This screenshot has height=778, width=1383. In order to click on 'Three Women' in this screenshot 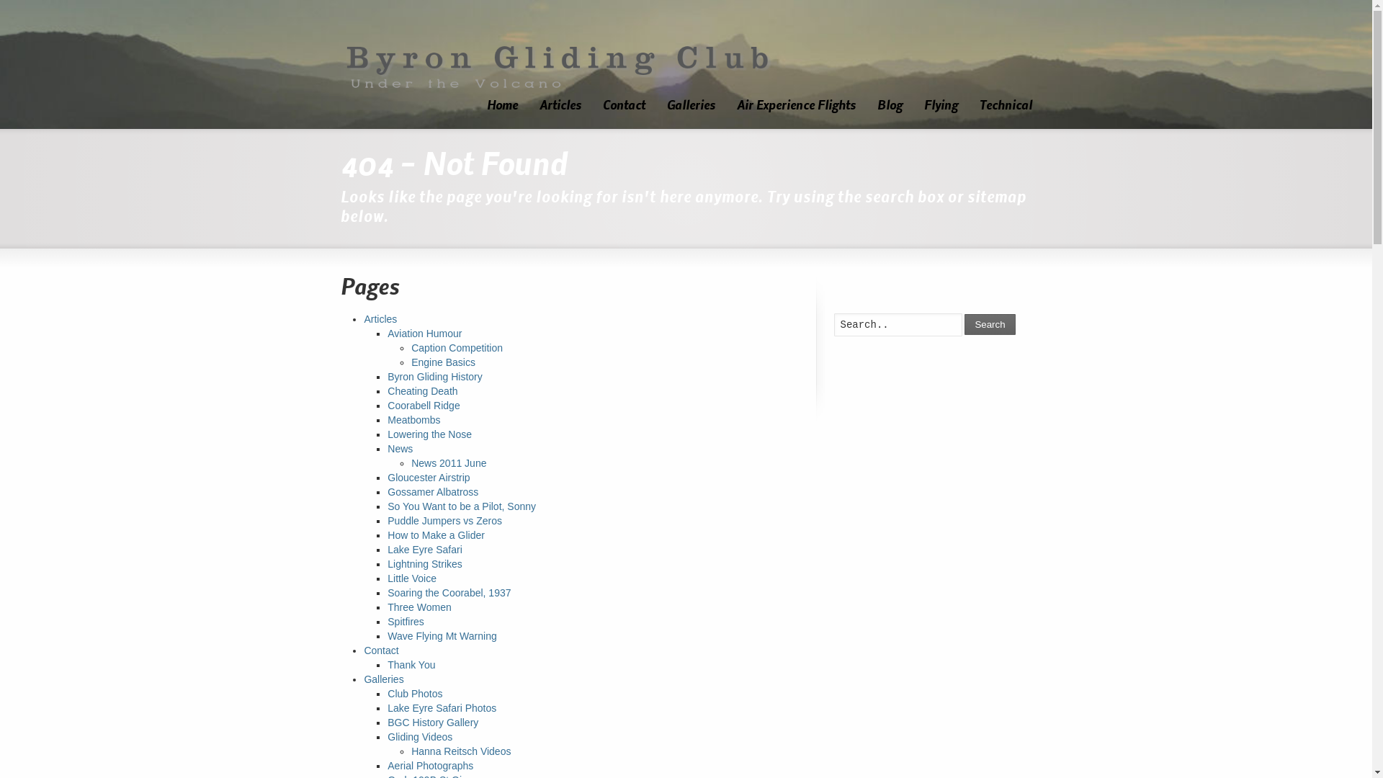, I will do `click(418, 607)`.